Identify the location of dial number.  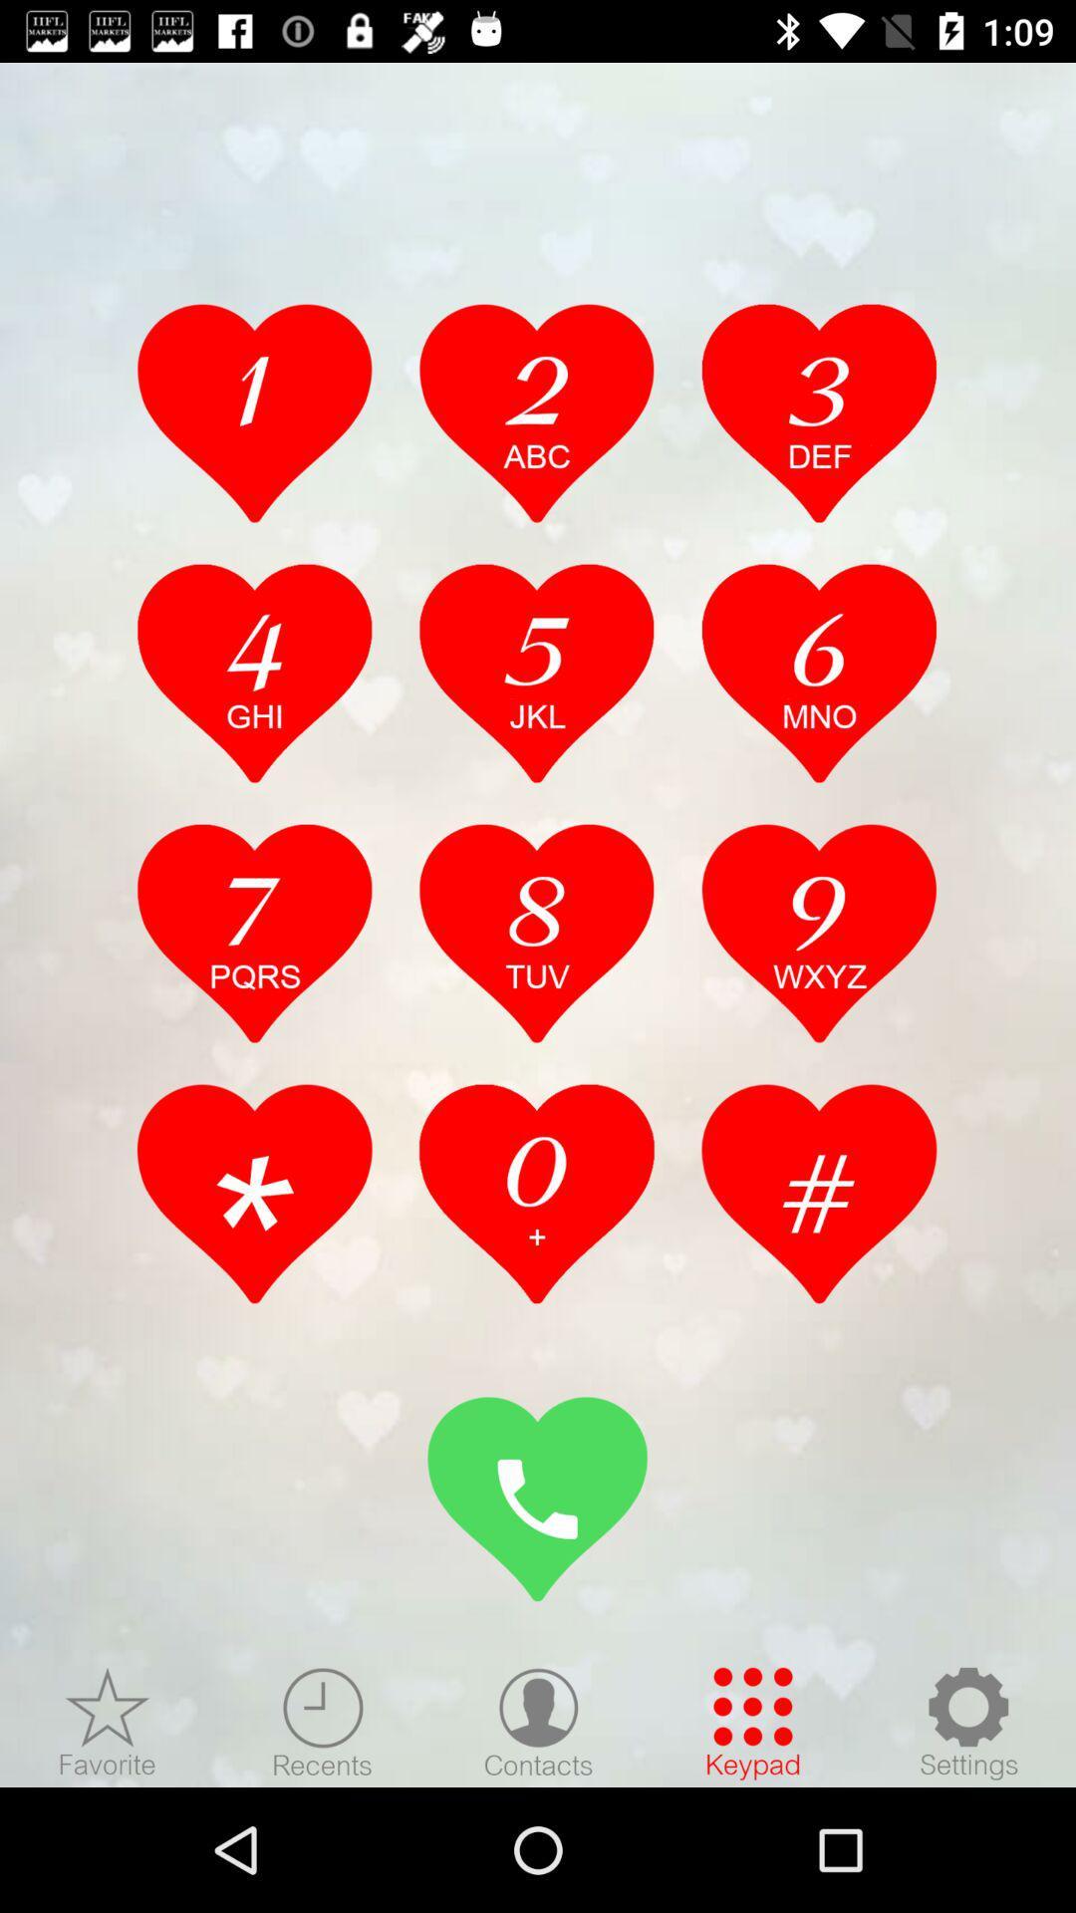
(536, 411).